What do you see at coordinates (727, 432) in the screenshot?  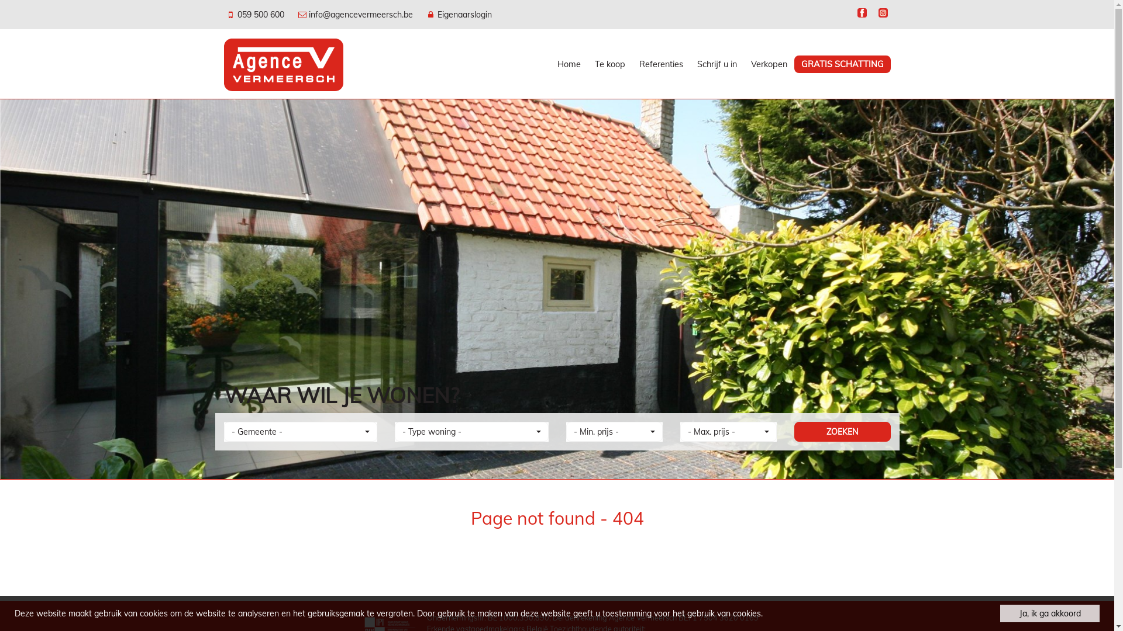 I see `'- Max. prijs -` at bounding box center [727, 432].